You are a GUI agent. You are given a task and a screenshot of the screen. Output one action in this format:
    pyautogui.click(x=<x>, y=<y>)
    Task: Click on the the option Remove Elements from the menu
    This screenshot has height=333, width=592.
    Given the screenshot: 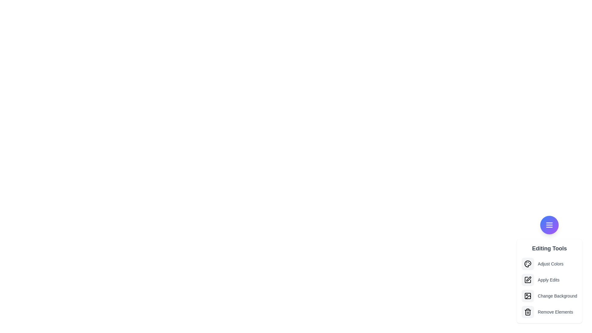 What is the action you would take?
    pyautogui.click(x=528, y=312)
    